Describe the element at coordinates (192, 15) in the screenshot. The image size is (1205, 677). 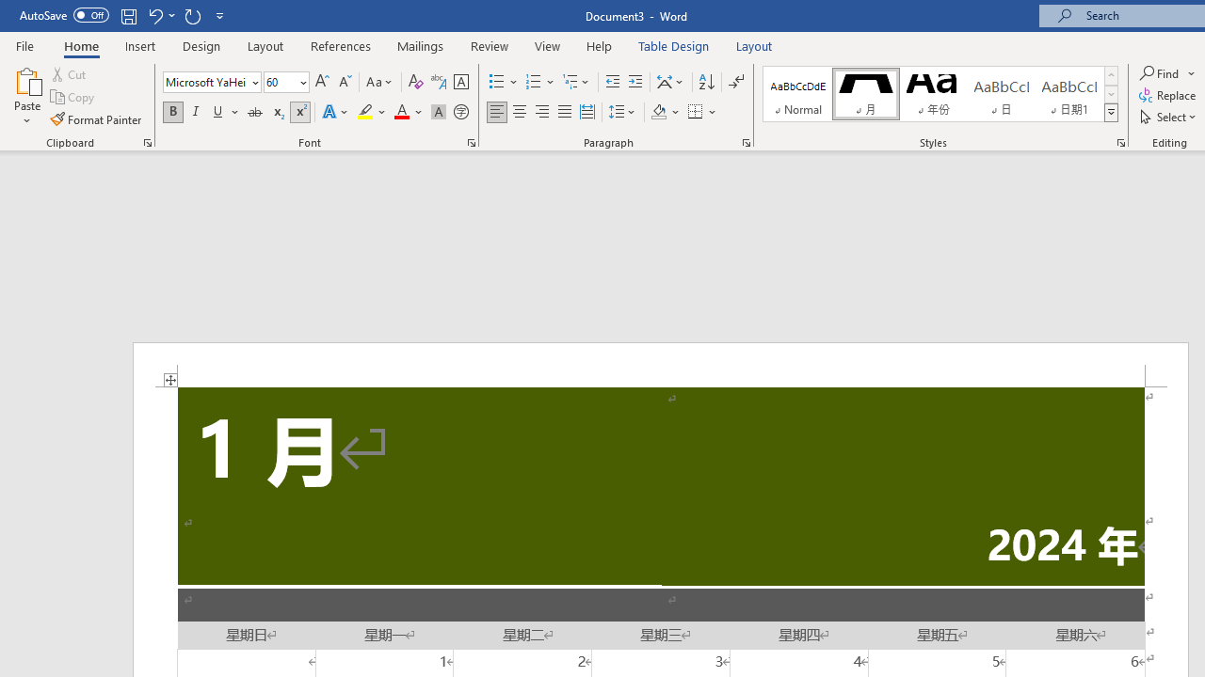
I see `'Repeat Superscript'` at that location.